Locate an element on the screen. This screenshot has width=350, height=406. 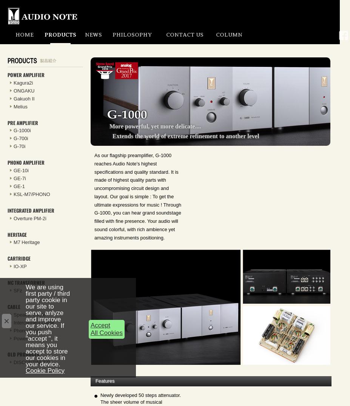
'IO-XP' is located at coordinates (20, 266).